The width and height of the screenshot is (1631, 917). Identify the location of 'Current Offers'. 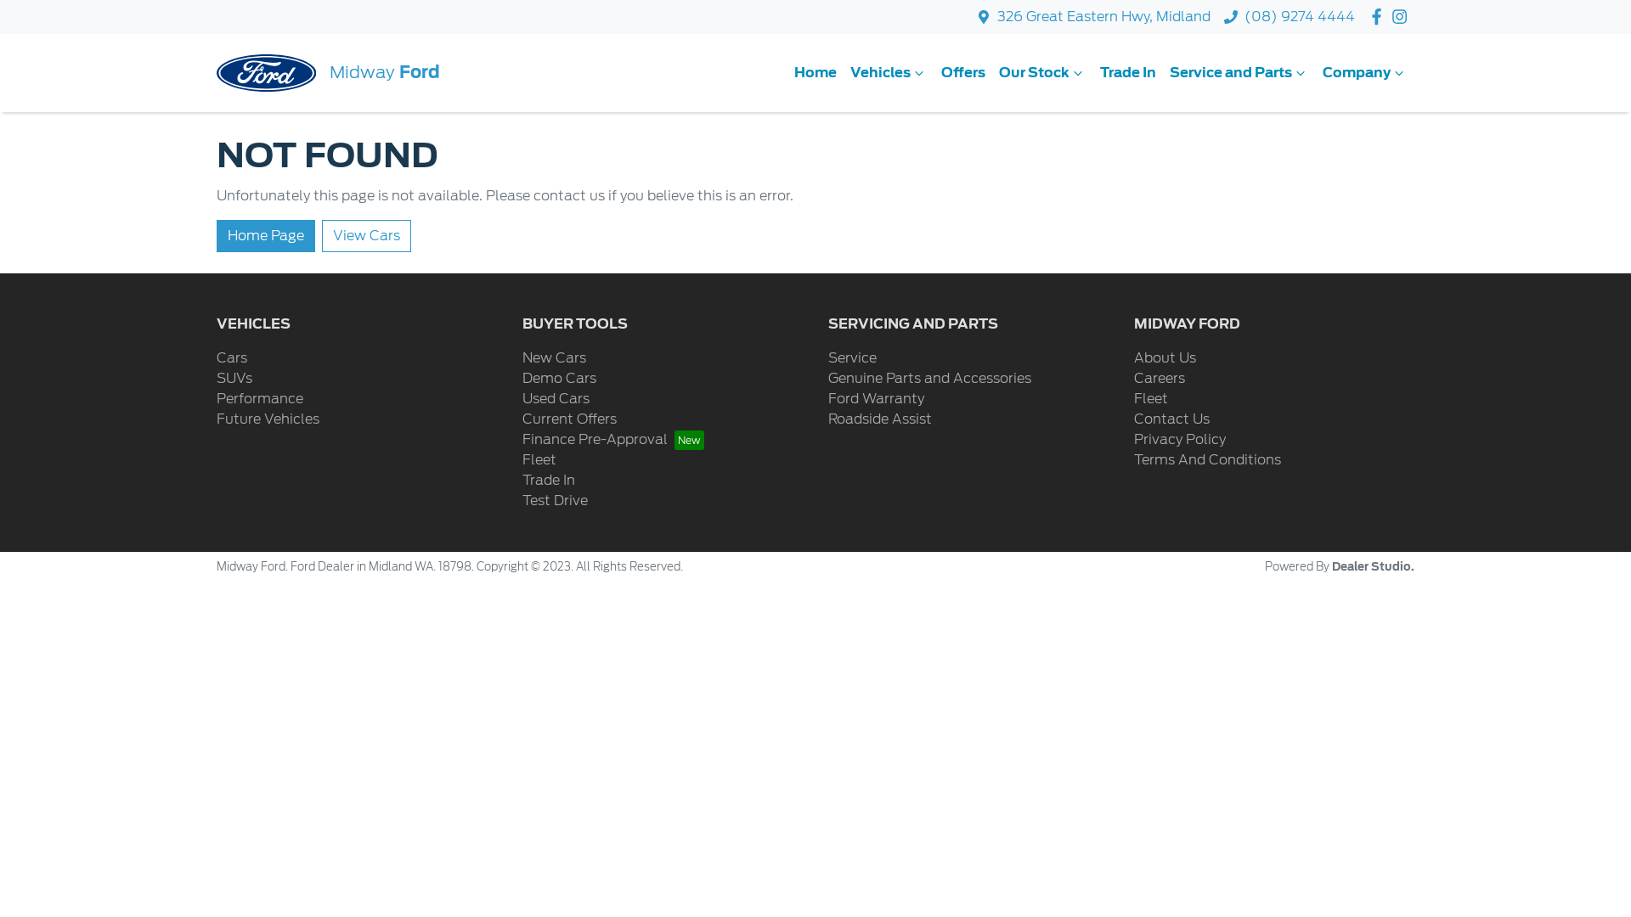
(569, 419).